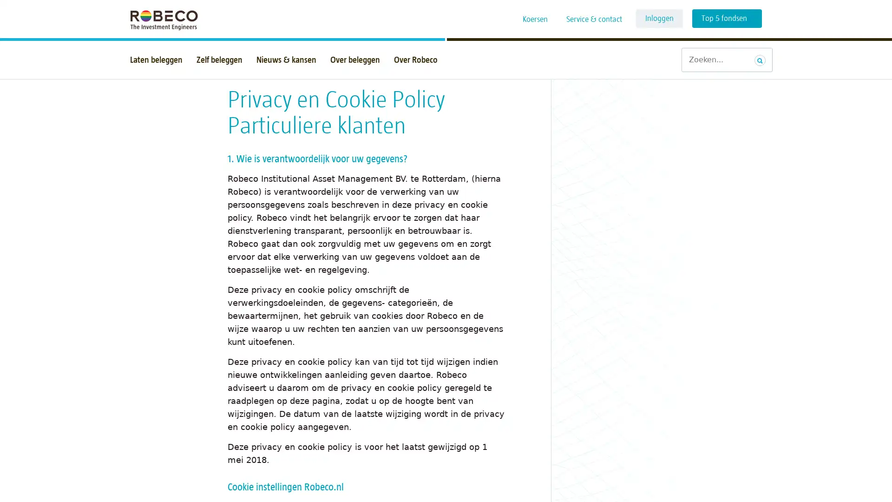 This screenshot has height=502, width=892. I want to click on Over beleggen, so click(354, 59).